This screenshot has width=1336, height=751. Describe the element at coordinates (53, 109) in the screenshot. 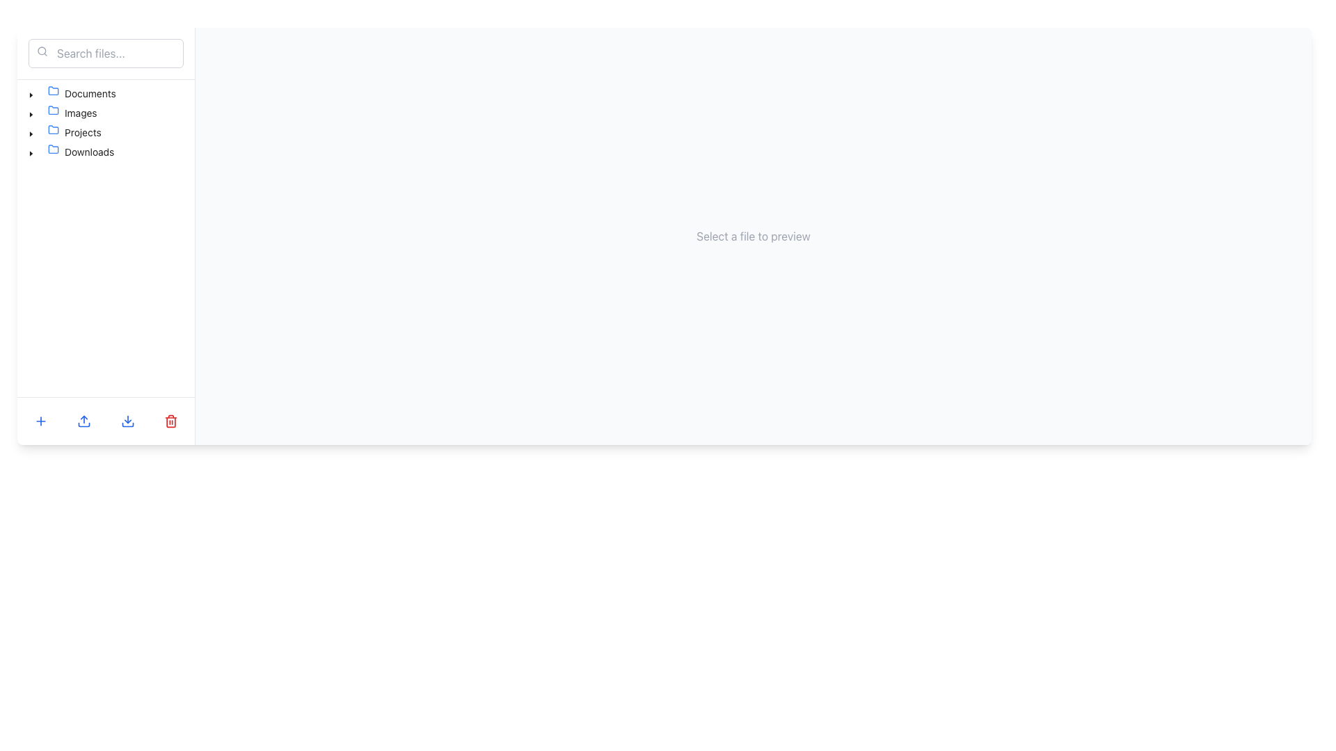

I see `the folder icon located in the left sidebar under the label 'Images' by moving the cursor to its center` at that location.